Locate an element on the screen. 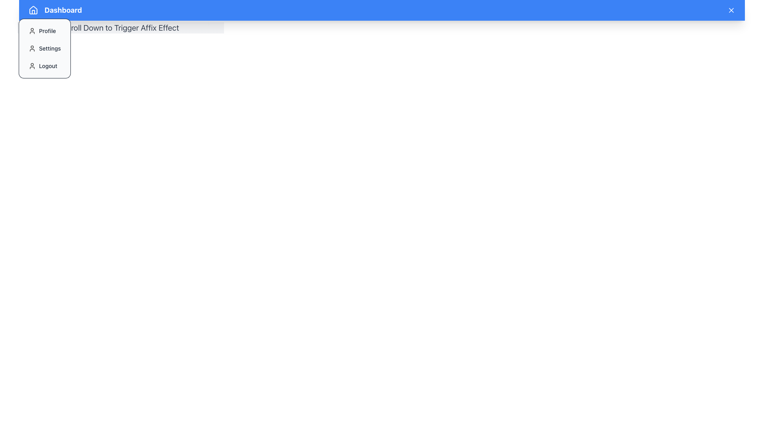  the 'Settings' icon in the dropdown menu located beneath the 'Dashboard' navigation bar is located at coordinates (32, 49).